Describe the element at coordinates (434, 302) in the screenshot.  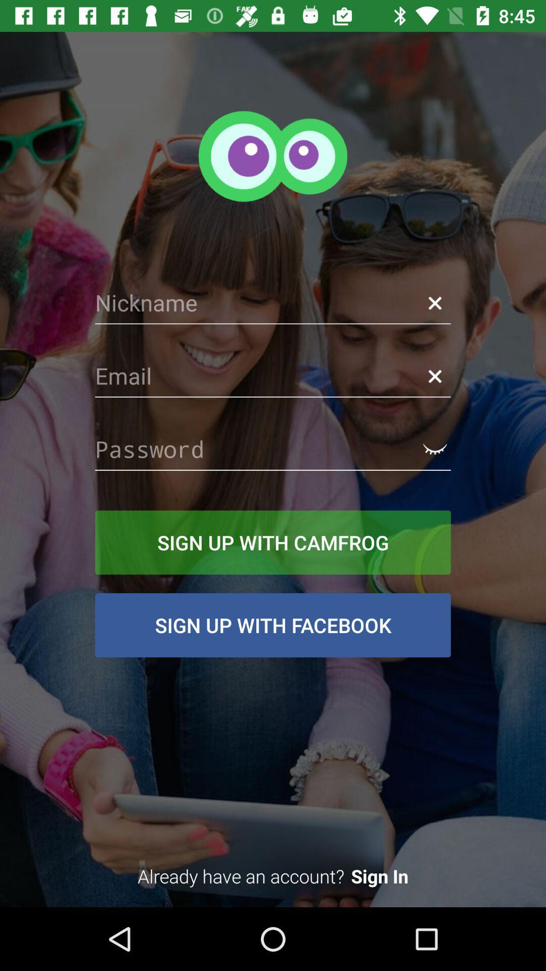
I see `the close icon` at that location.